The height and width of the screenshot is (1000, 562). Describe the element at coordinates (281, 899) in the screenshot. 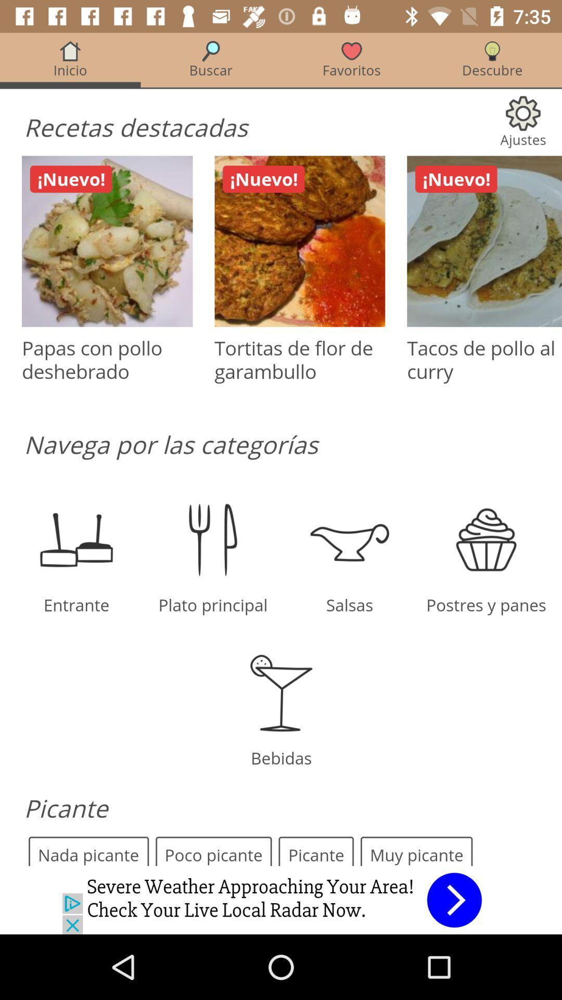

I see `advertisement` at that location.